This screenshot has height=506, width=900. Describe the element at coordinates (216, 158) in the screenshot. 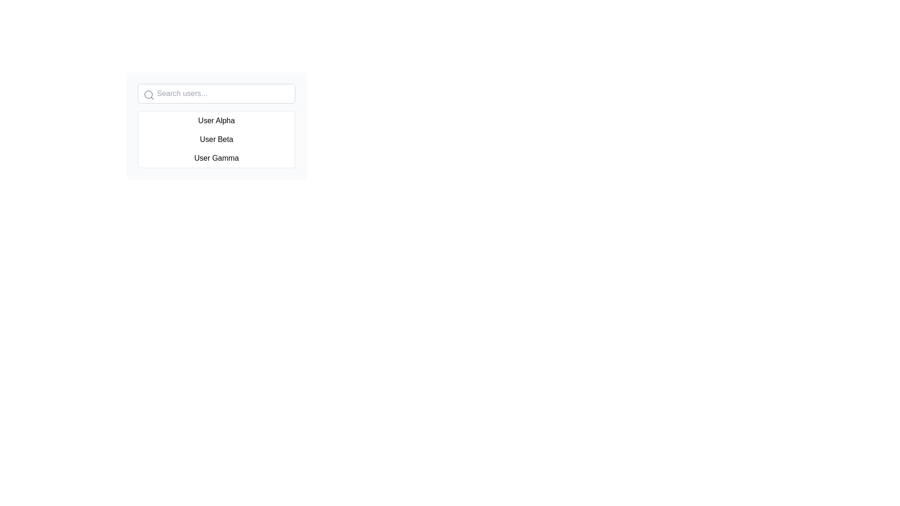

I see `the list item displaying the text 'User Gamma'` at that location.